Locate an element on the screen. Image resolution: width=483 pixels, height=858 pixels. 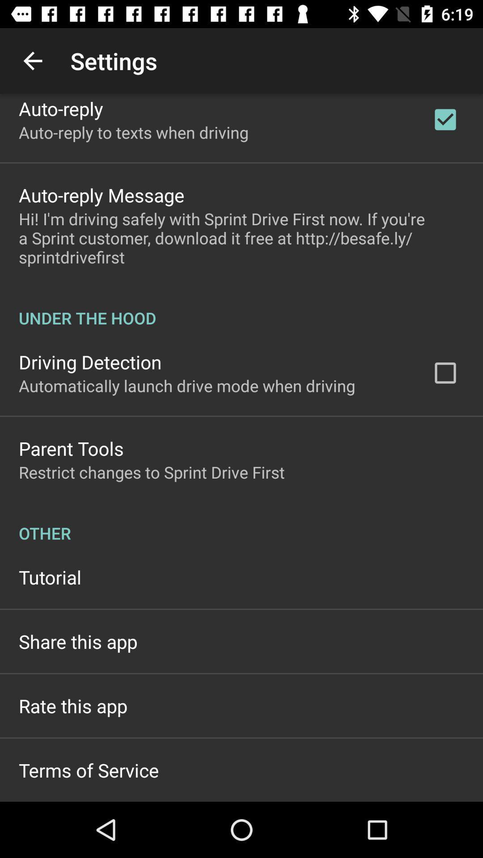
the terms of service item is located at coordinates (89, 770).